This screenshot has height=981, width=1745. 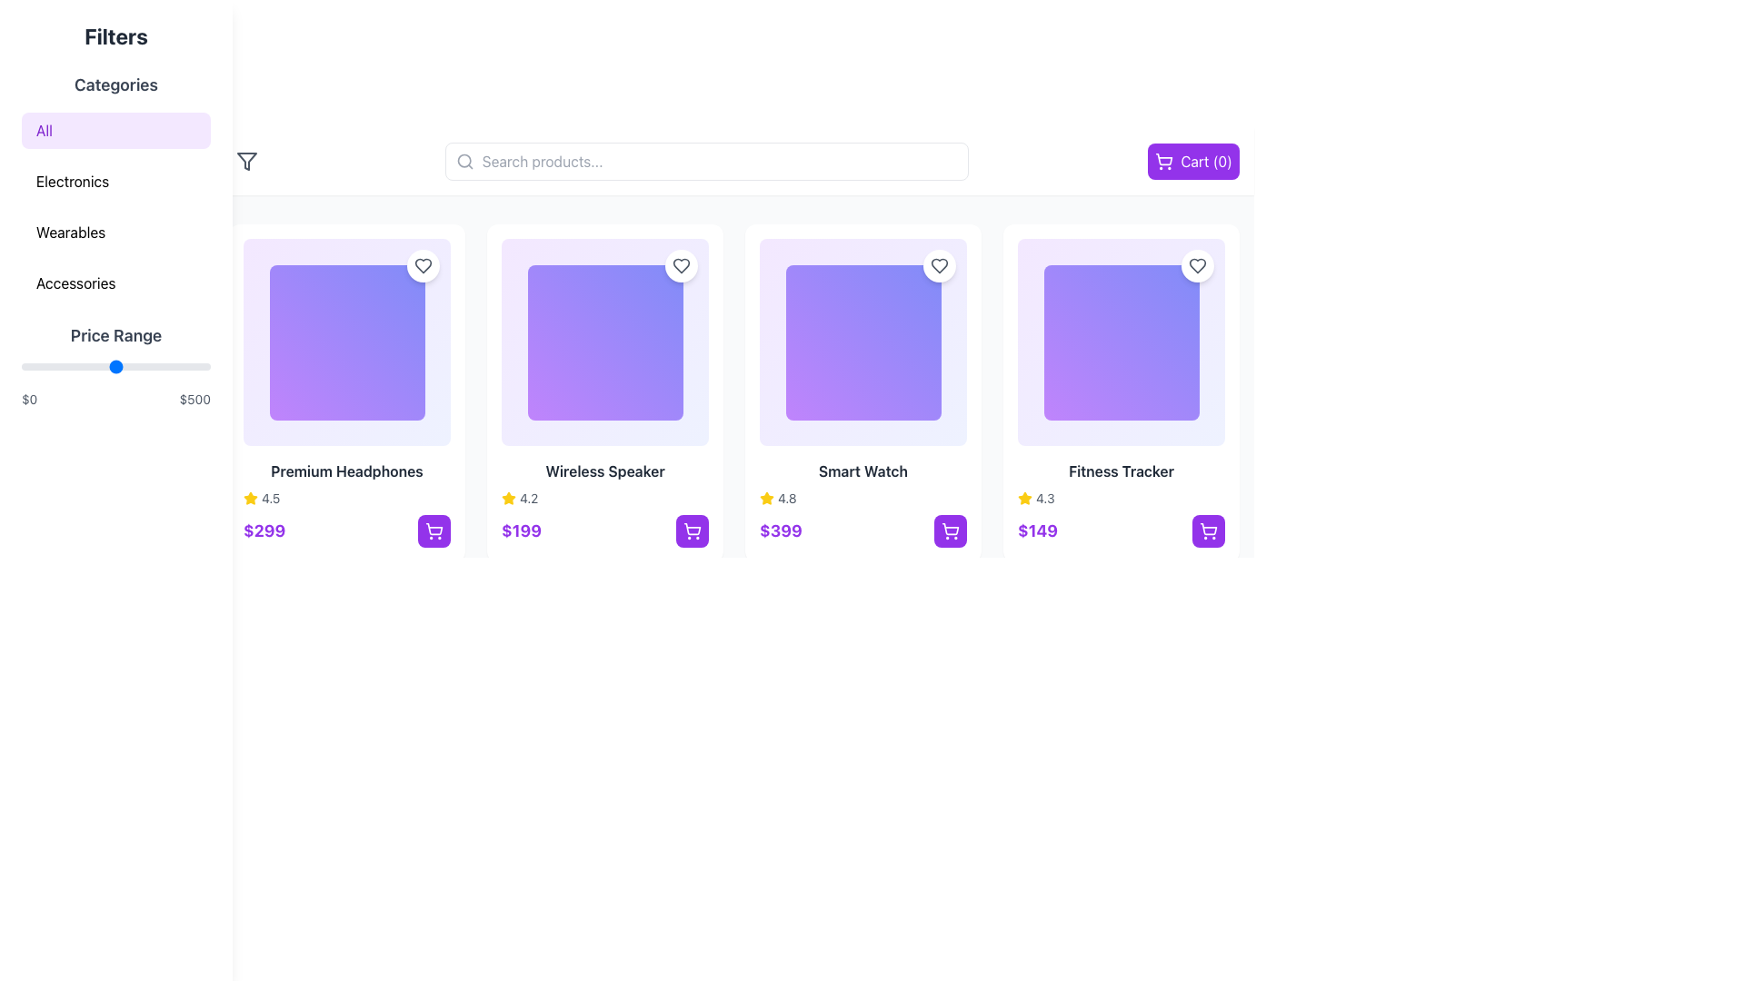 I want to click on the price range slider, so click(x=186, y=367).